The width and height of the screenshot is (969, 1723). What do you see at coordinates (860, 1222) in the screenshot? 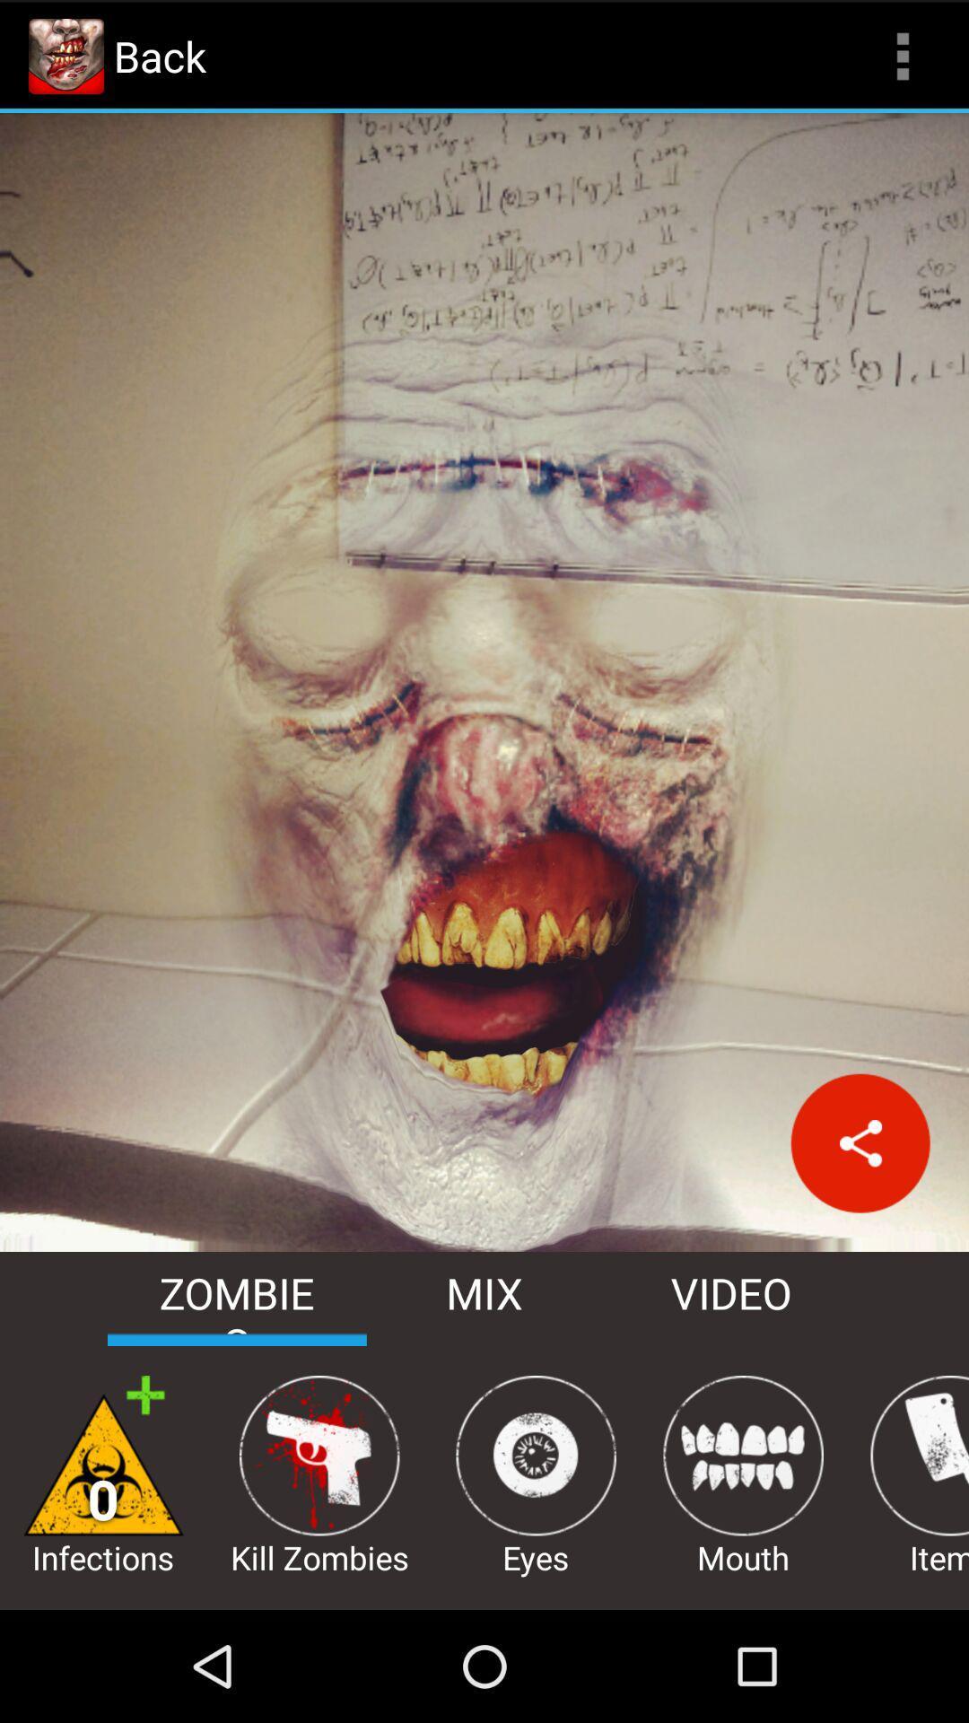
I see `the share icon` at bounding box center [860, 1222].